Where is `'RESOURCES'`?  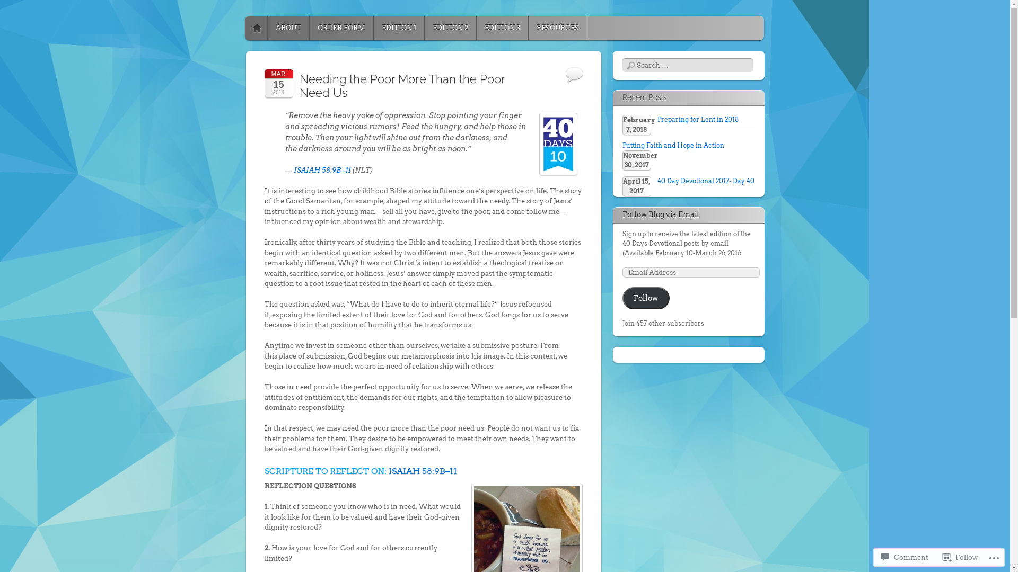
'RESOURCES' is located at coordinates (557, 28).